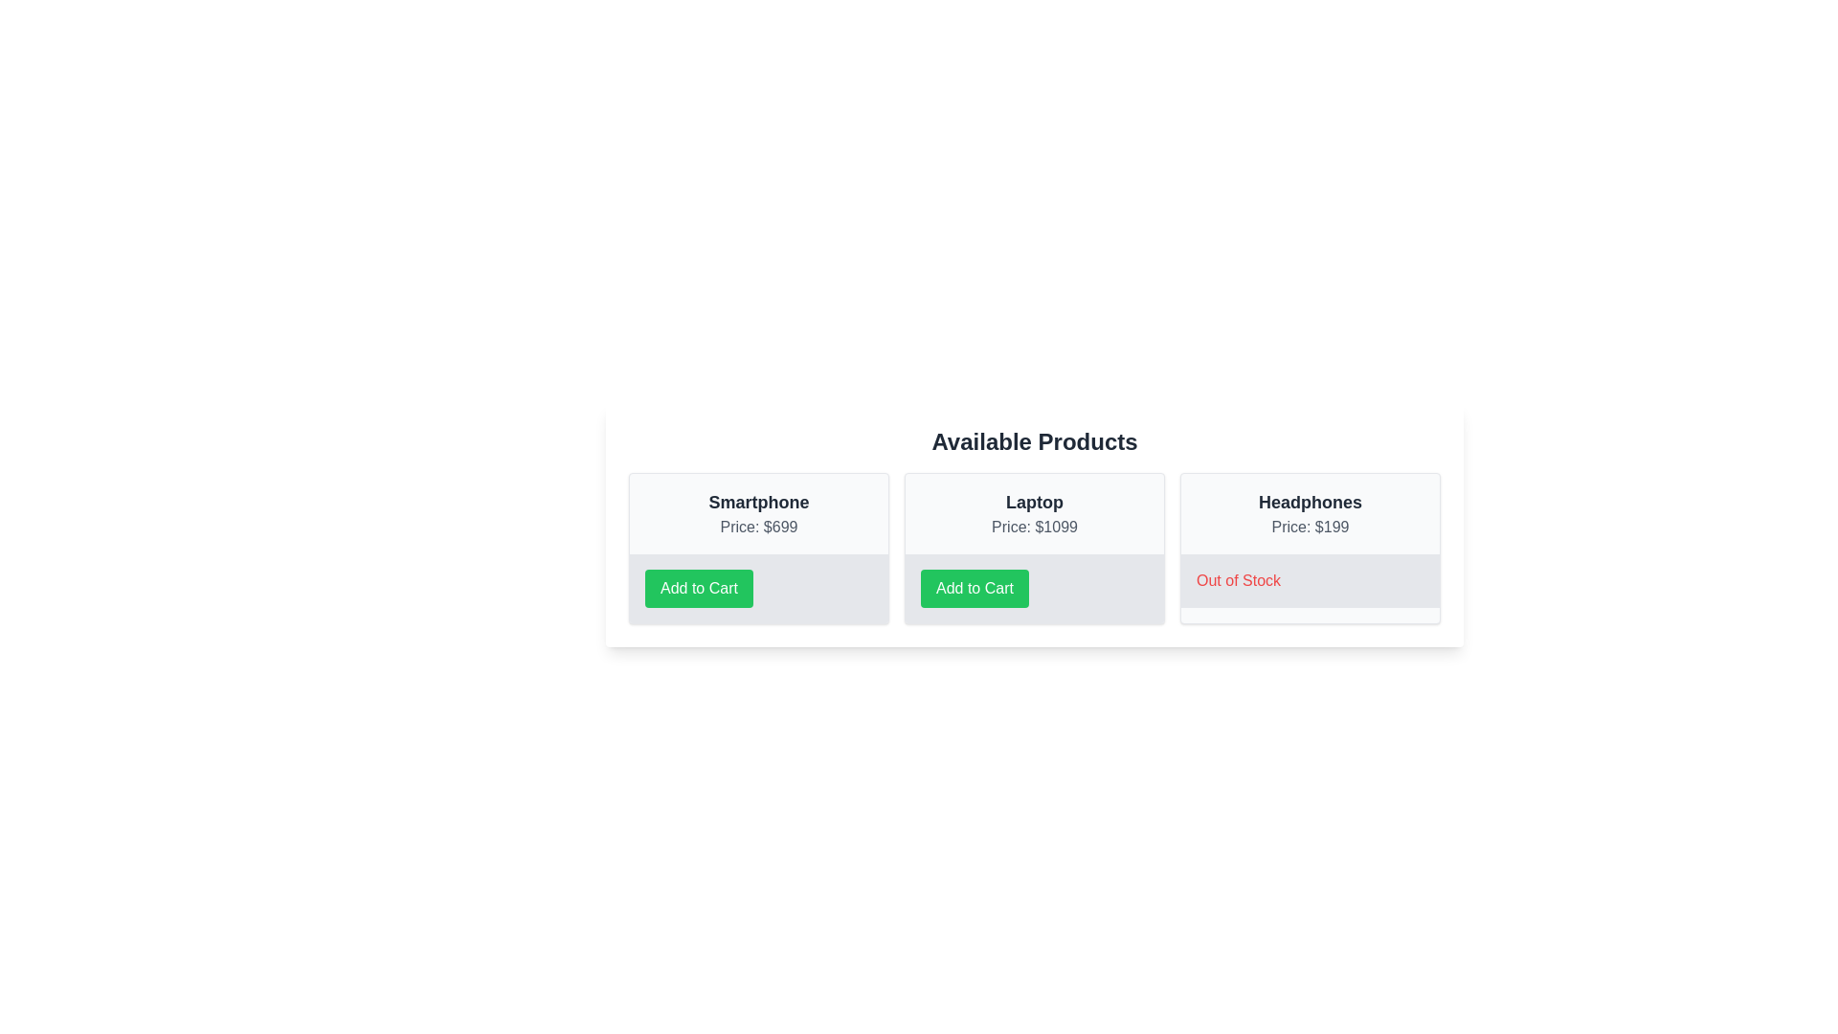 The height and width of the screenshot is (1034, 1838). I want to click on the 'Out of Stock' text label, which has a light-gray background and bold red font, located in the bottom-right corner of the 'Headphones' product card, so click(1309, 579).